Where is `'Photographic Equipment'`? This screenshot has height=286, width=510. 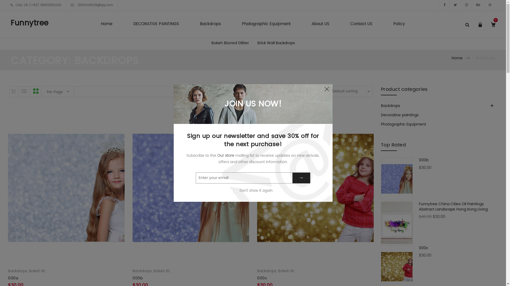
'Photographic Equipment' is located at coordinates (403, 124).